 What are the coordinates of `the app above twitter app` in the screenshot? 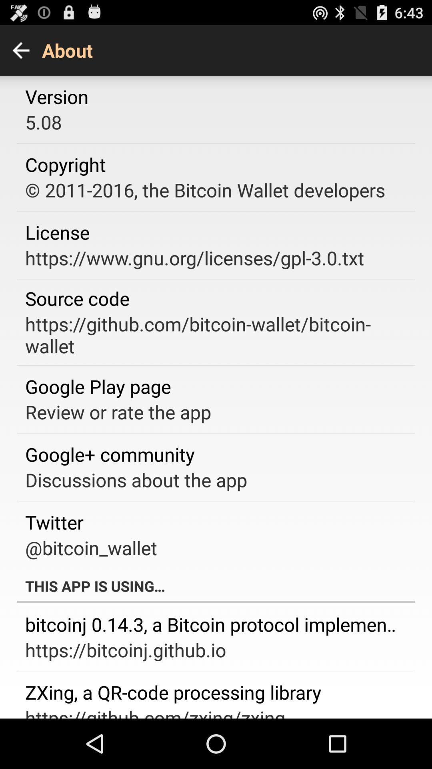 It's located at (136, 480).